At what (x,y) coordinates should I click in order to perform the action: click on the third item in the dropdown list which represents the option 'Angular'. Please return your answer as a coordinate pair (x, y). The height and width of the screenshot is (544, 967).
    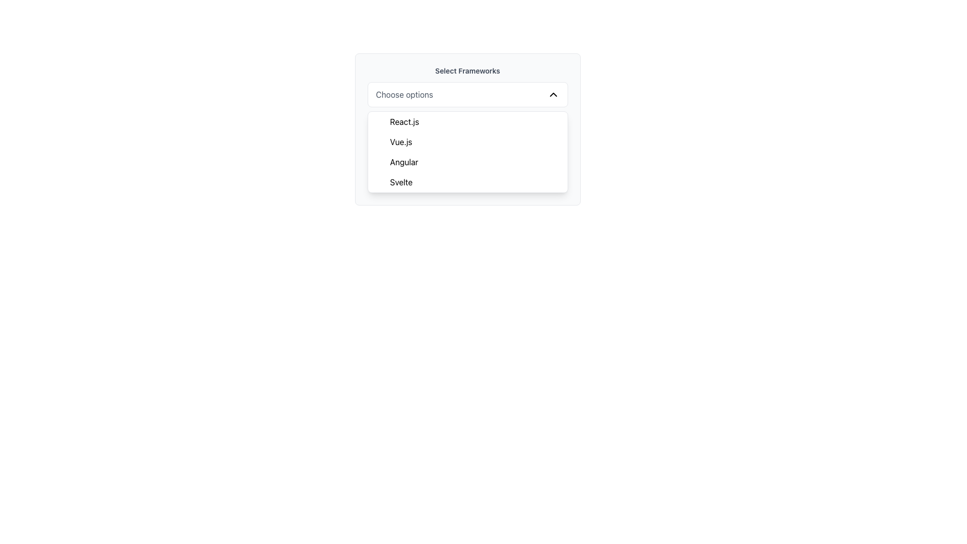
    Looking at the image, I should click on (467, 161).